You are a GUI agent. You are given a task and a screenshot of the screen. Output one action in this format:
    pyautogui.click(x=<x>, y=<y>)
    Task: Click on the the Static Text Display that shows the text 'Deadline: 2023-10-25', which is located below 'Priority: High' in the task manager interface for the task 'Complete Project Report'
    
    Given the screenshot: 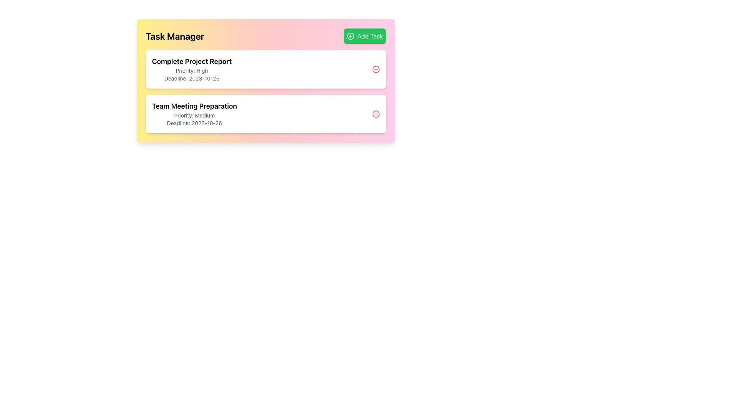 What is the action you would take?
    pyautogui.click(x=192, y=79)
    